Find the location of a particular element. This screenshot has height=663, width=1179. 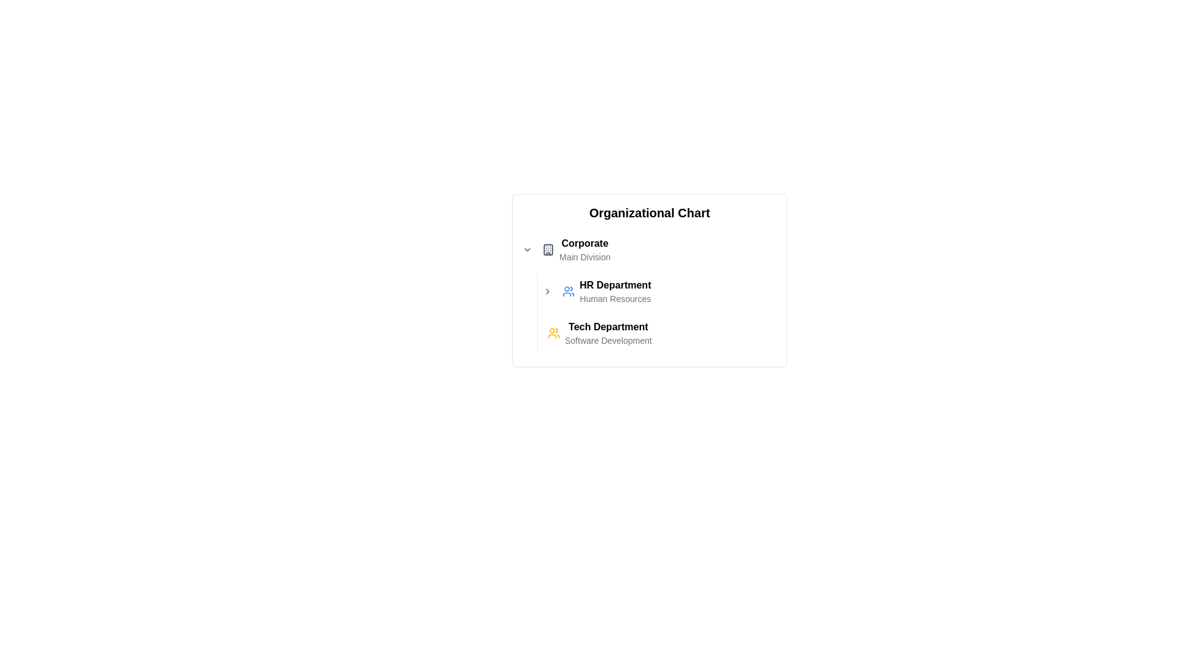

the static text element that describes the 'Tech Department', located directly below the 'Tech Department' label in the organizational chart is located at coordinates (608, 341).